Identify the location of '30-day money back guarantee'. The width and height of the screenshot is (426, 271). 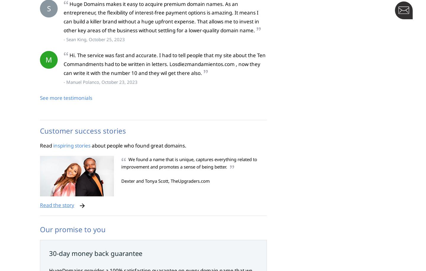
(96, 253).